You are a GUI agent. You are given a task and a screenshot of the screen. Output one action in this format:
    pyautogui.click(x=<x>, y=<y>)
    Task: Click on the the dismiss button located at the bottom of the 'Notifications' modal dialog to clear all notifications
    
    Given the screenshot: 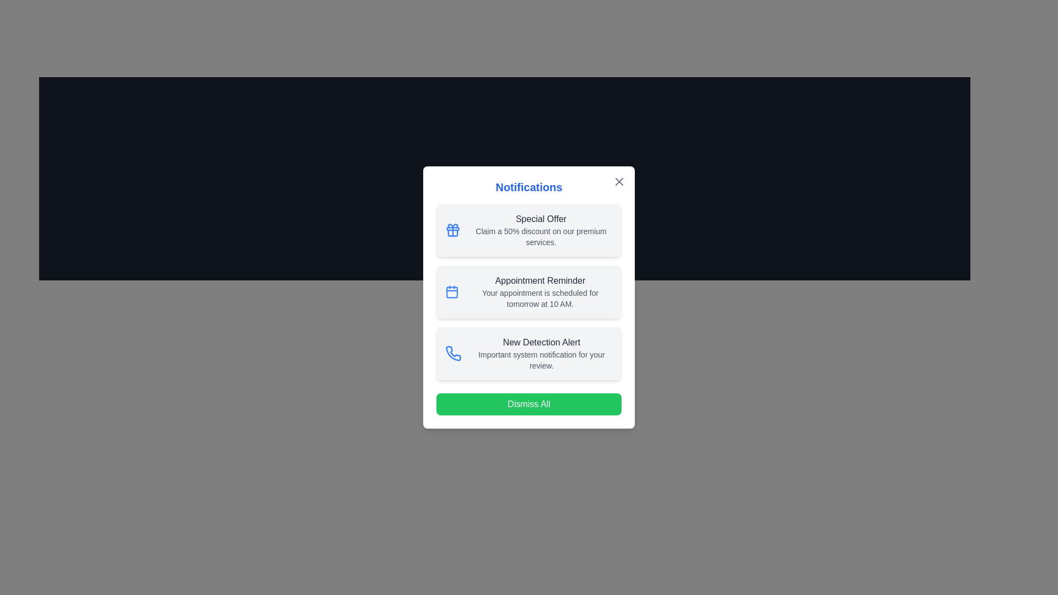 What is the action you would take?
    pyautogui.click(x=529, y=404)
    